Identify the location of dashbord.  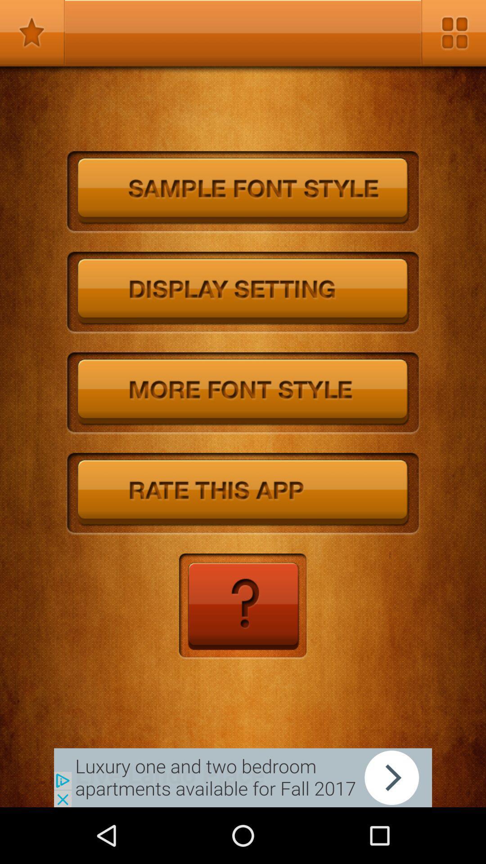
(453, 32).